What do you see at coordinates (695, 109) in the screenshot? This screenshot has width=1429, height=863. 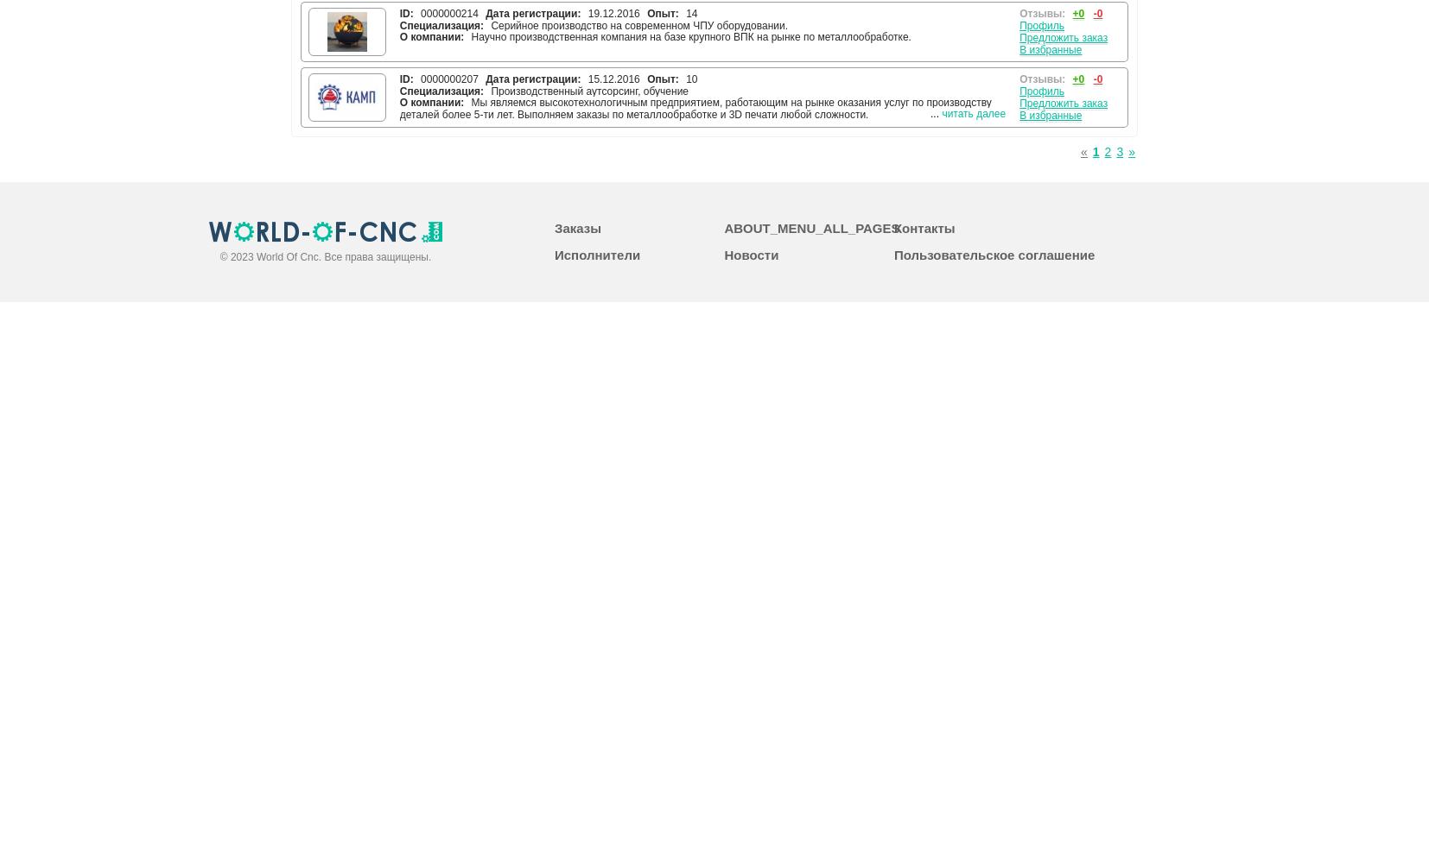 I see `'Мы являемся высокотехнологичным предприятием, работающим на рынке оказания услуг  по производству деталей более 5-ти лет. Выполняем заказы по металлообработке и 3D печати любой сложности.'` at bounding box center [695, 109].